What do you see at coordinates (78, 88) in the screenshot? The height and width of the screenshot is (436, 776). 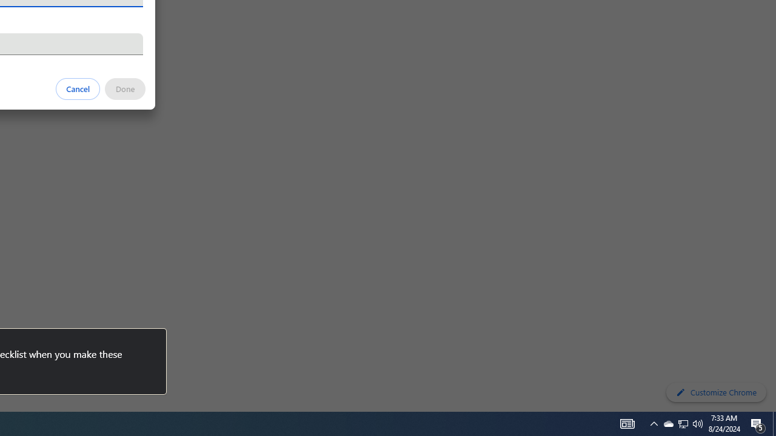 I see `'Cancel'` at bounding box center [78, 88].